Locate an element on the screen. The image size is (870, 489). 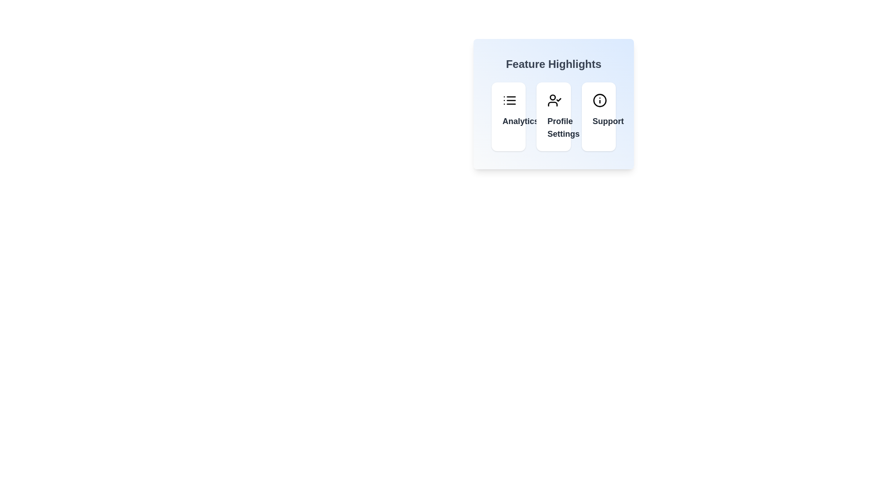
the second Interactive card in the 'Feature Highlights' section is located at coordinates (553, 116).